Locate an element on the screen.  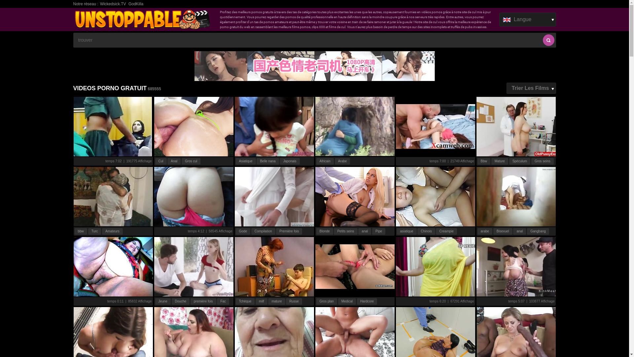
'Cul' is located at coordinates (161, 161).